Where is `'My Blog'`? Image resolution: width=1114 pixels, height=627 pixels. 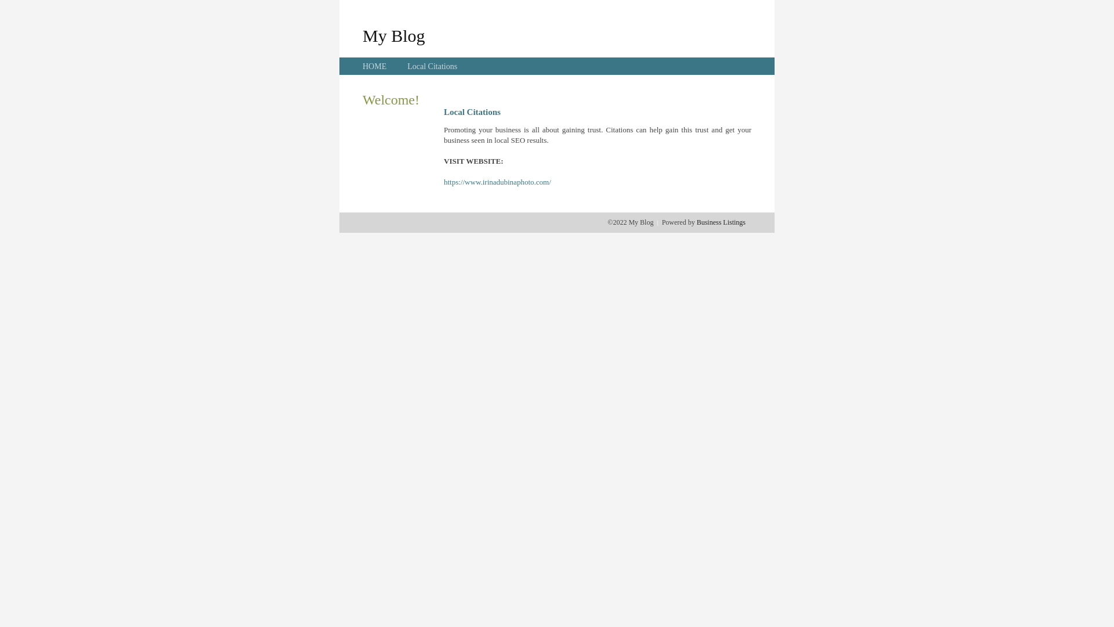
'My Blog' is located at coordinates (393, 35).